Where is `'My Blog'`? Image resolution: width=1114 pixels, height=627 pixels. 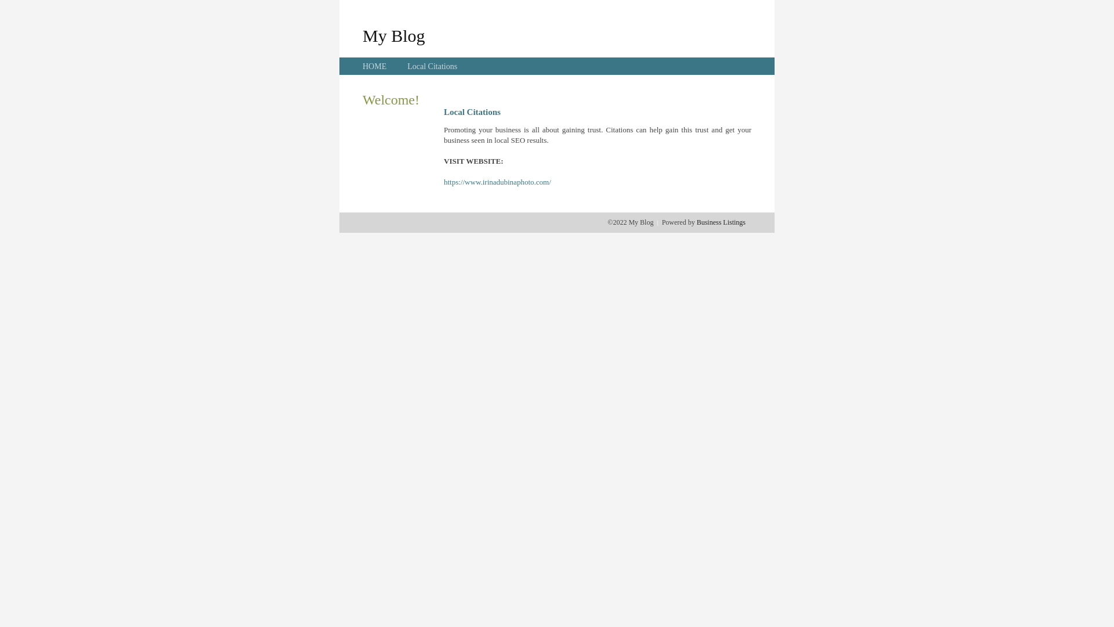
'My Blog' is located at coordinates (393, 35).